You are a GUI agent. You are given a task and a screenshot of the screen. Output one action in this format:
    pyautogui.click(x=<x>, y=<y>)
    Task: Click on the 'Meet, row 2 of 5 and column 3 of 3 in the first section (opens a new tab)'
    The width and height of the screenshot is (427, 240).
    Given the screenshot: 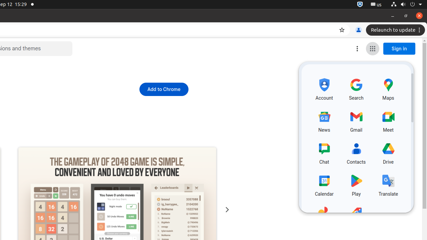 What is the action you would take?
    pyautogui.click(x=388, y=120)
    